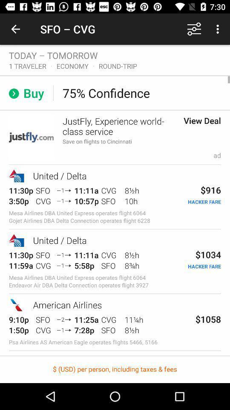  What do you see at coordinates (115, 369) in the screenshot?
I see `the usd per person item` at bounding box center [115, 369].